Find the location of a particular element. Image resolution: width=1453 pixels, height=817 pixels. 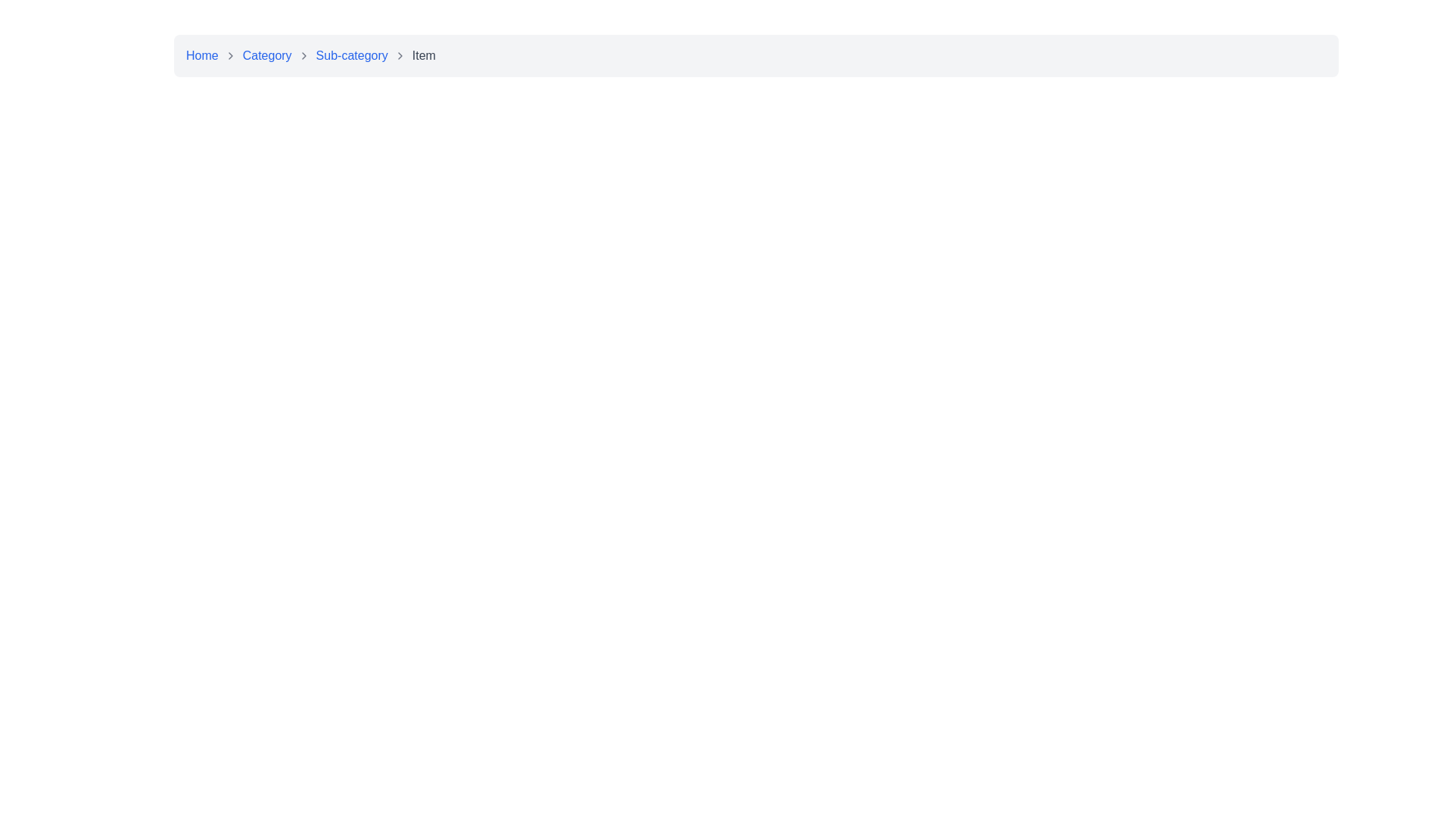

the 'Home' hyperlink is located at coordinates (201, 54).